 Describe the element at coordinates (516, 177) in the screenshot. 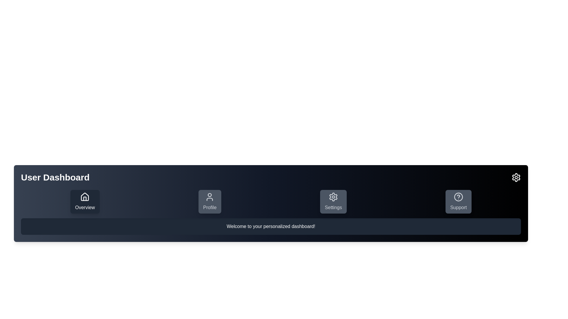

I see `the settings icon located at the top-right corner of the user dashboard` at that location.